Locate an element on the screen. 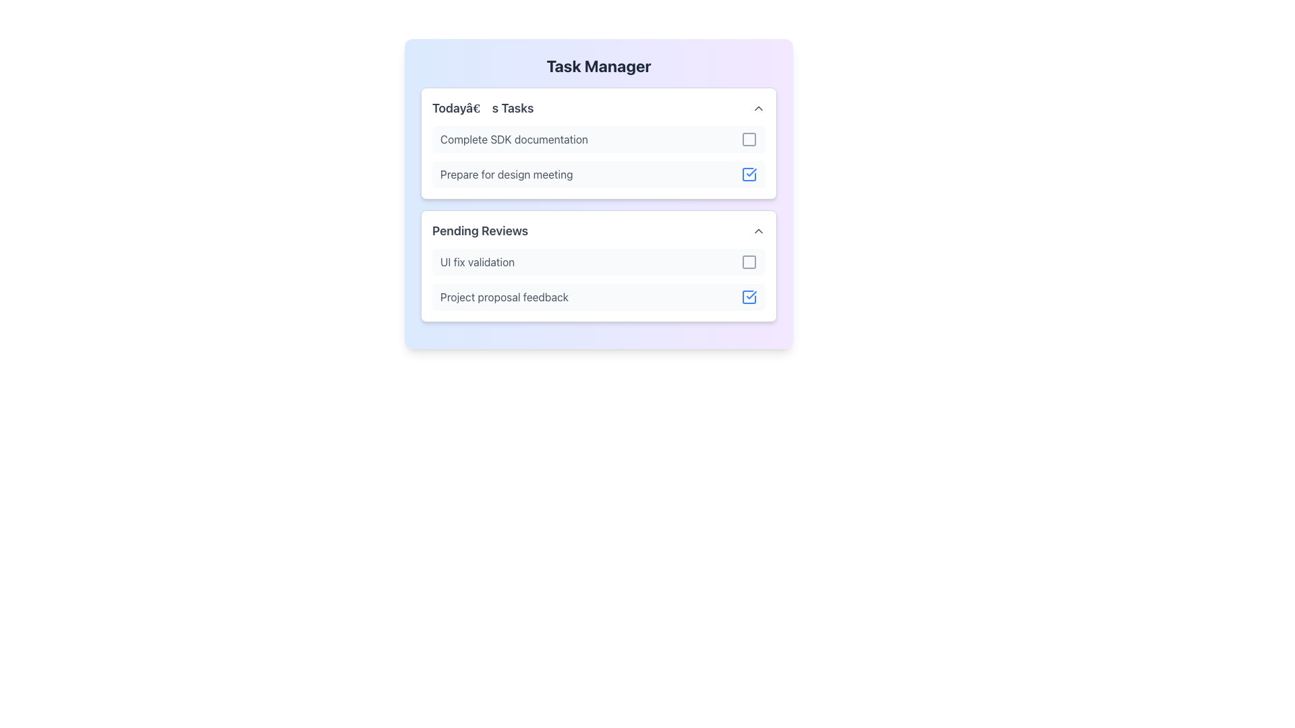 This screenshot has height=728, width=1295. the checkbox for 'Project proposal feedback' located at the far-right side of the 'Pending Reviews' section is located at coordinates (748, 296).